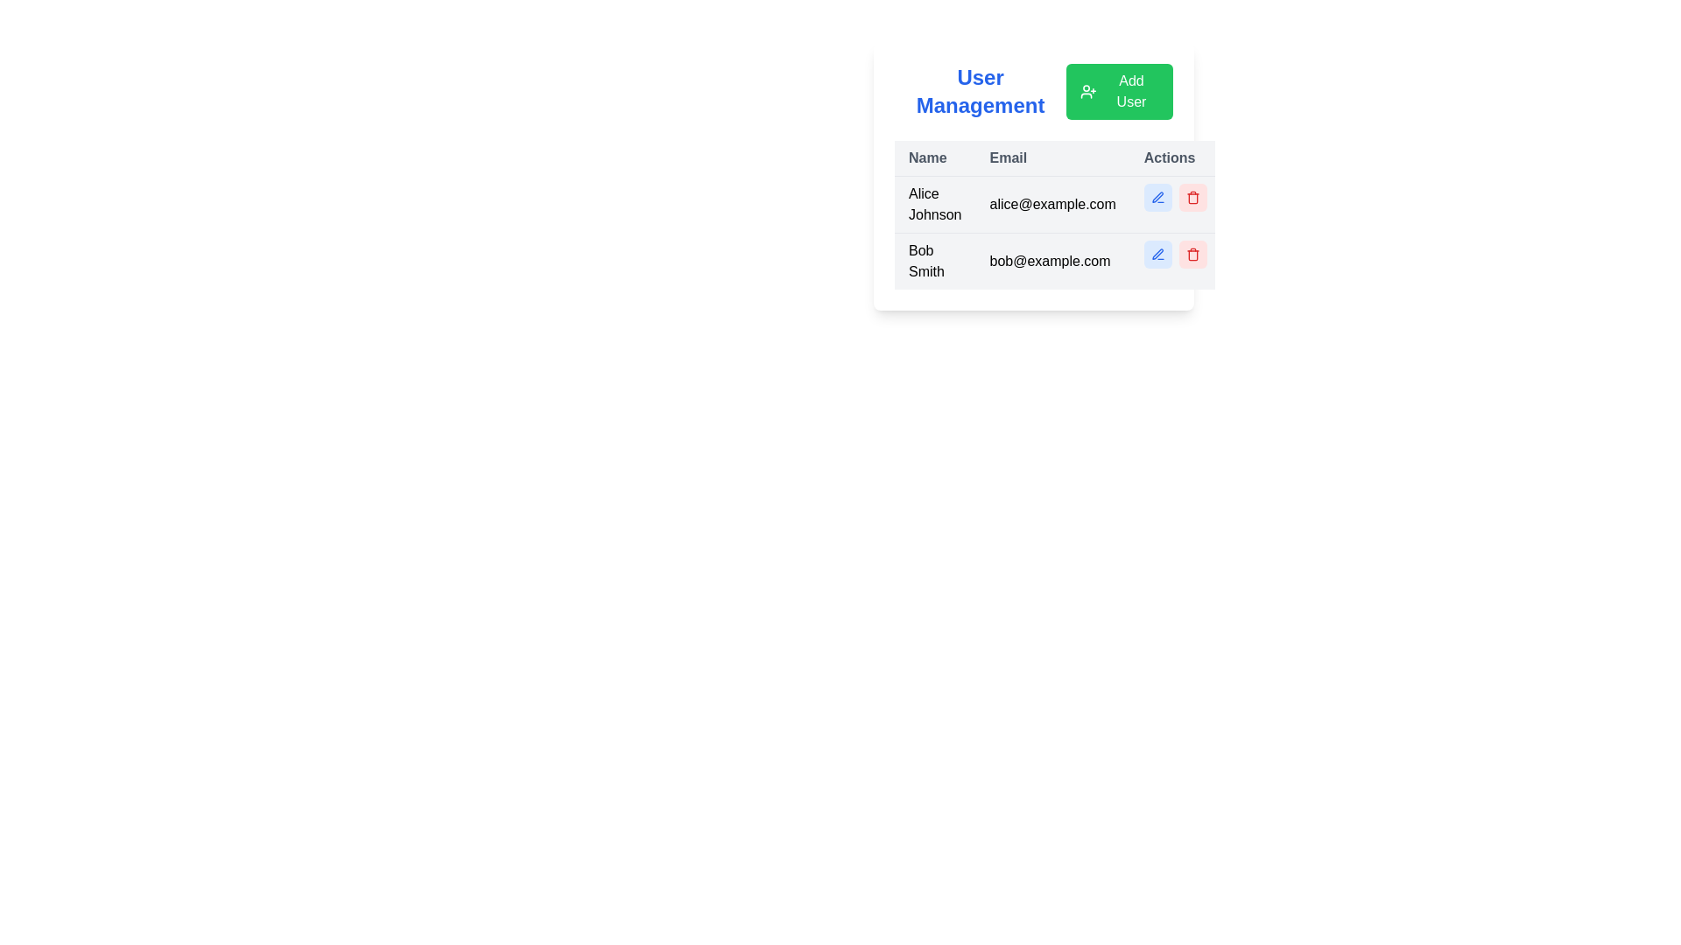 The height and width of the screenshot is (945, 1681). What do you see at coordinates (1087, 91) in the screenshot?
I see `the 'Add User' icon located to the left of the 'Add User' text within the button` at bounding box center [1087, 91].